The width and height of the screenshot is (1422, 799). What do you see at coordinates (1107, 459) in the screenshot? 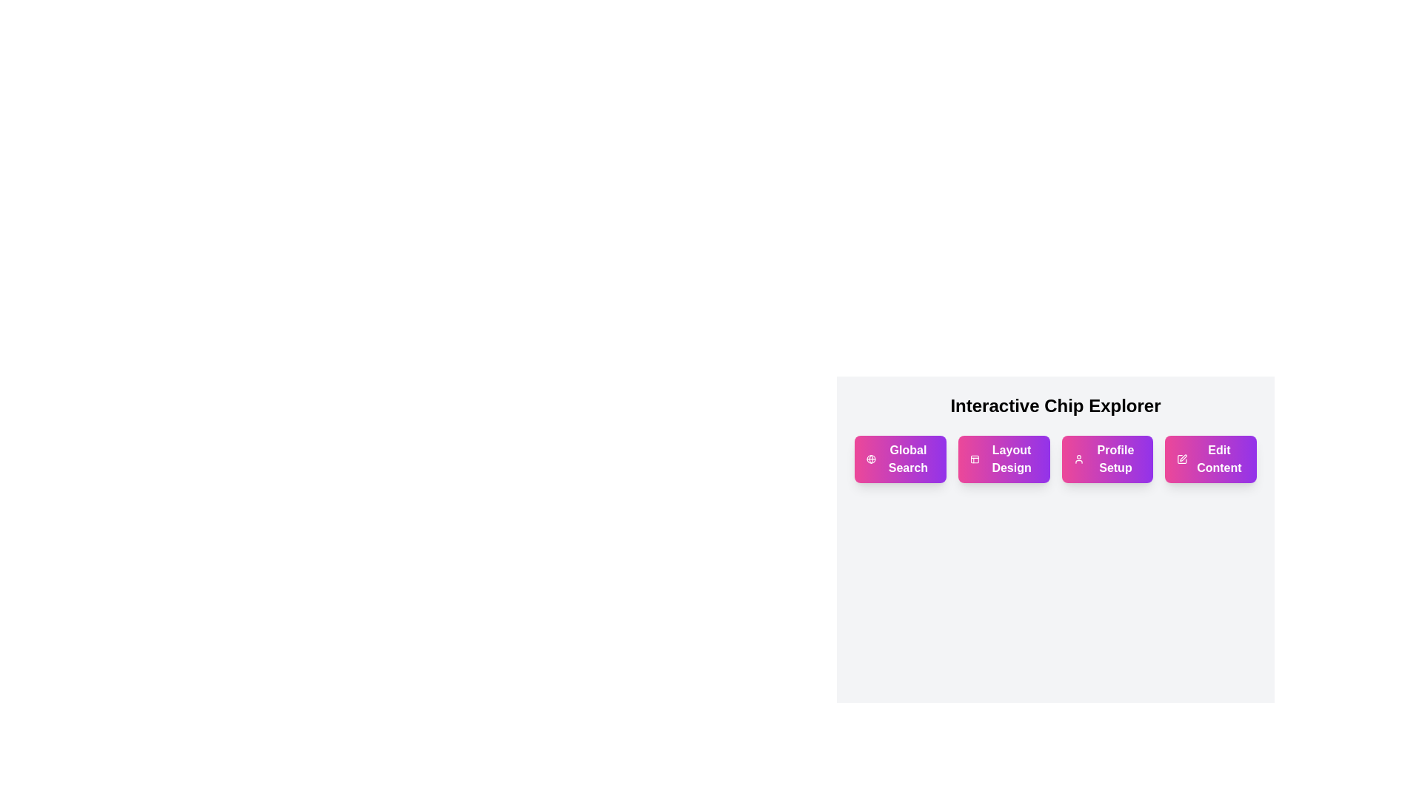
I see `the 'Profile Setup' action chip` at bounding box center [1107, 459].